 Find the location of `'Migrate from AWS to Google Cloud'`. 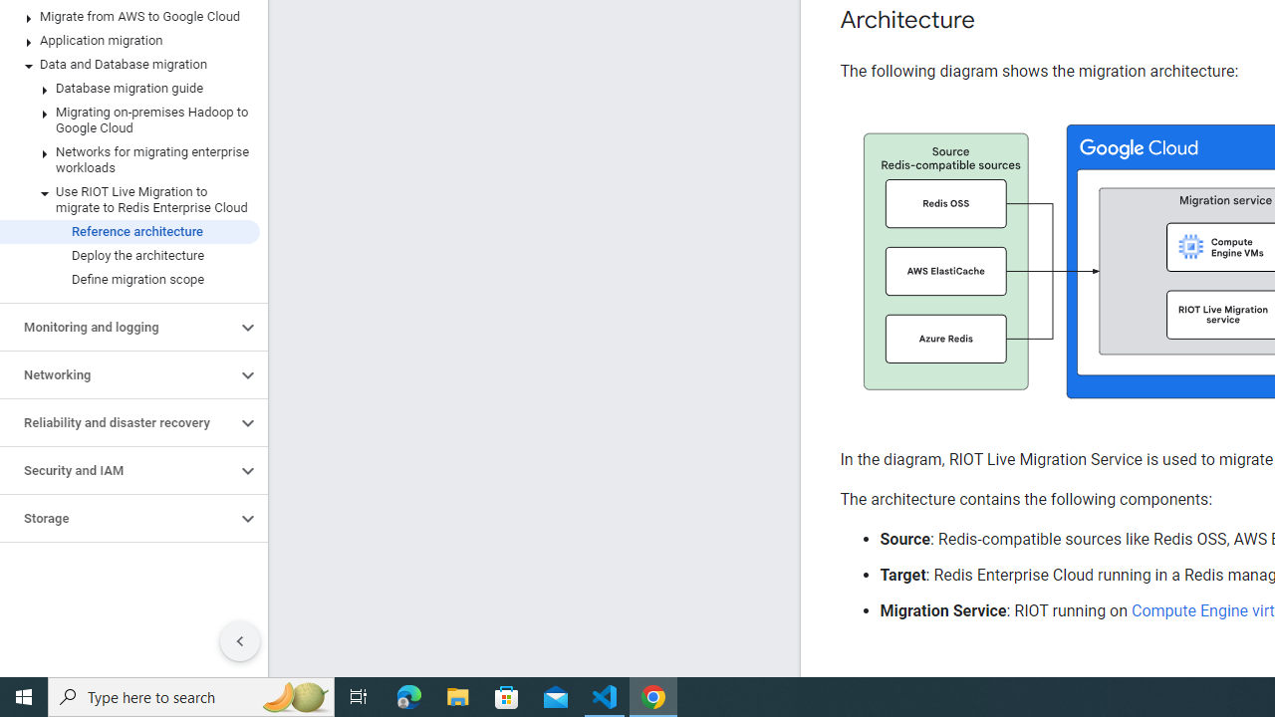

'Migrate from AWS to Google Cloud' is located at coordinates (128, 16).